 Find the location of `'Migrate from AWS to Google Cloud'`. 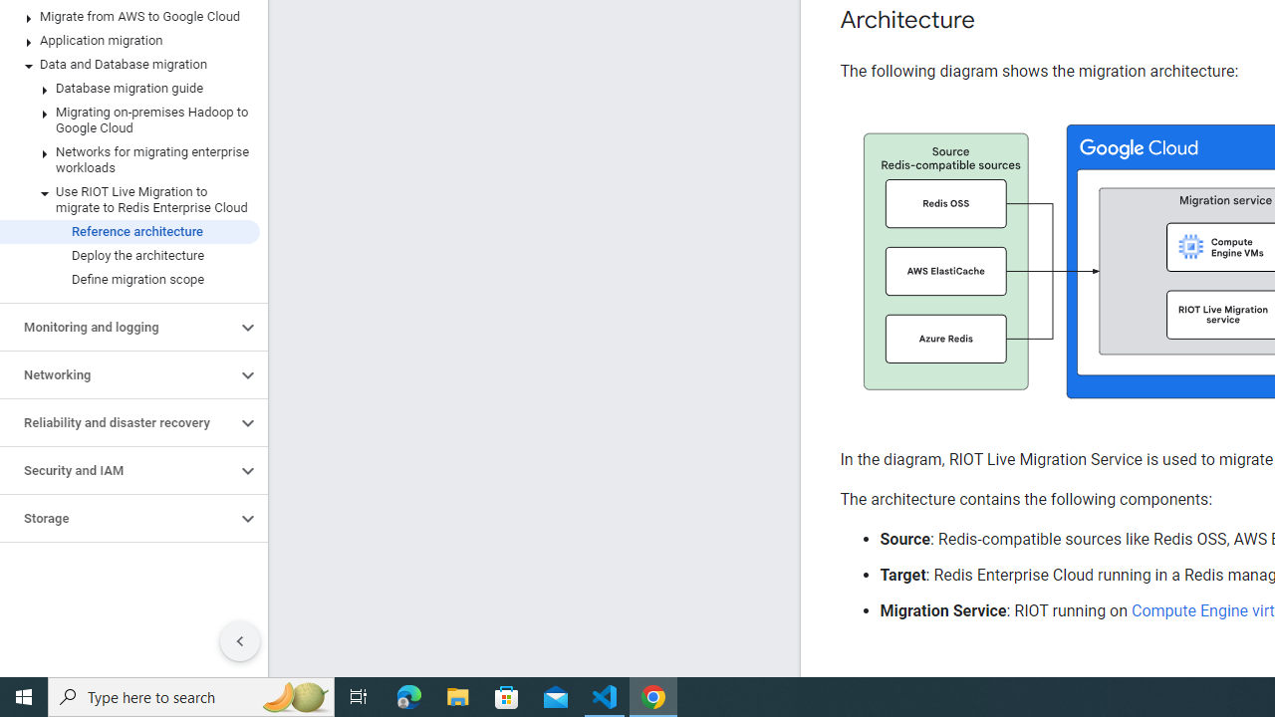

'Migrate from AWS to Google Cloud' is located at coordinates (128, 16).